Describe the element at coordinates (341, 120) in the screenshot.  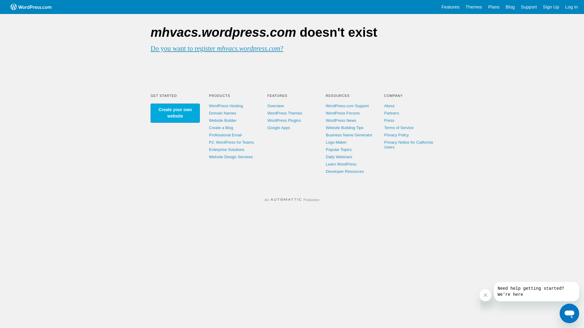
I see `'WordPress News'` at that location.